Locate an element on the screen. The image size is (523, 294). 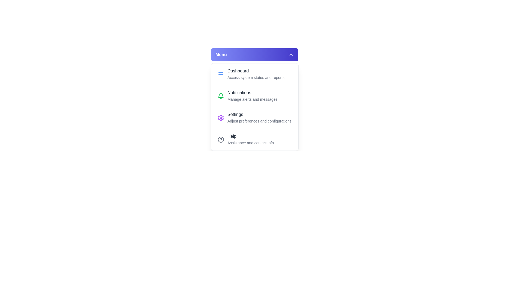
the visual details of the blue hamburger menu icon positioned to the left of the 'Dashboard' text label within the 'Dashboard' list item group of the dropdown menu is located at coordinates (221, 74).